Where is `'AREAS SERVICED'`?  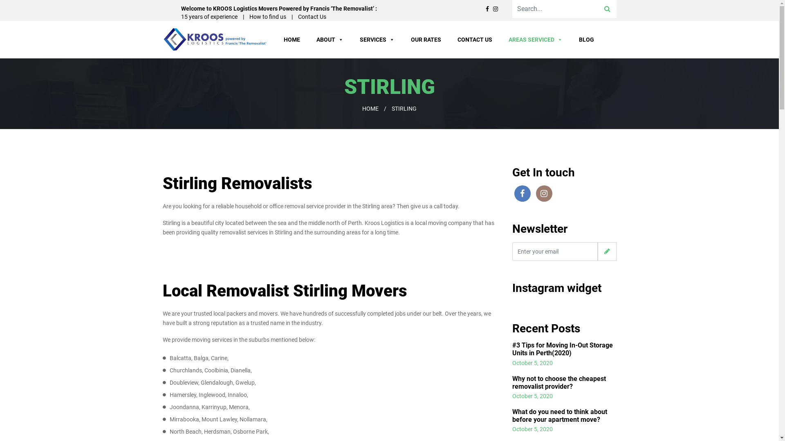 'AREAS SERVICED' is located at coordinates (536, 39).